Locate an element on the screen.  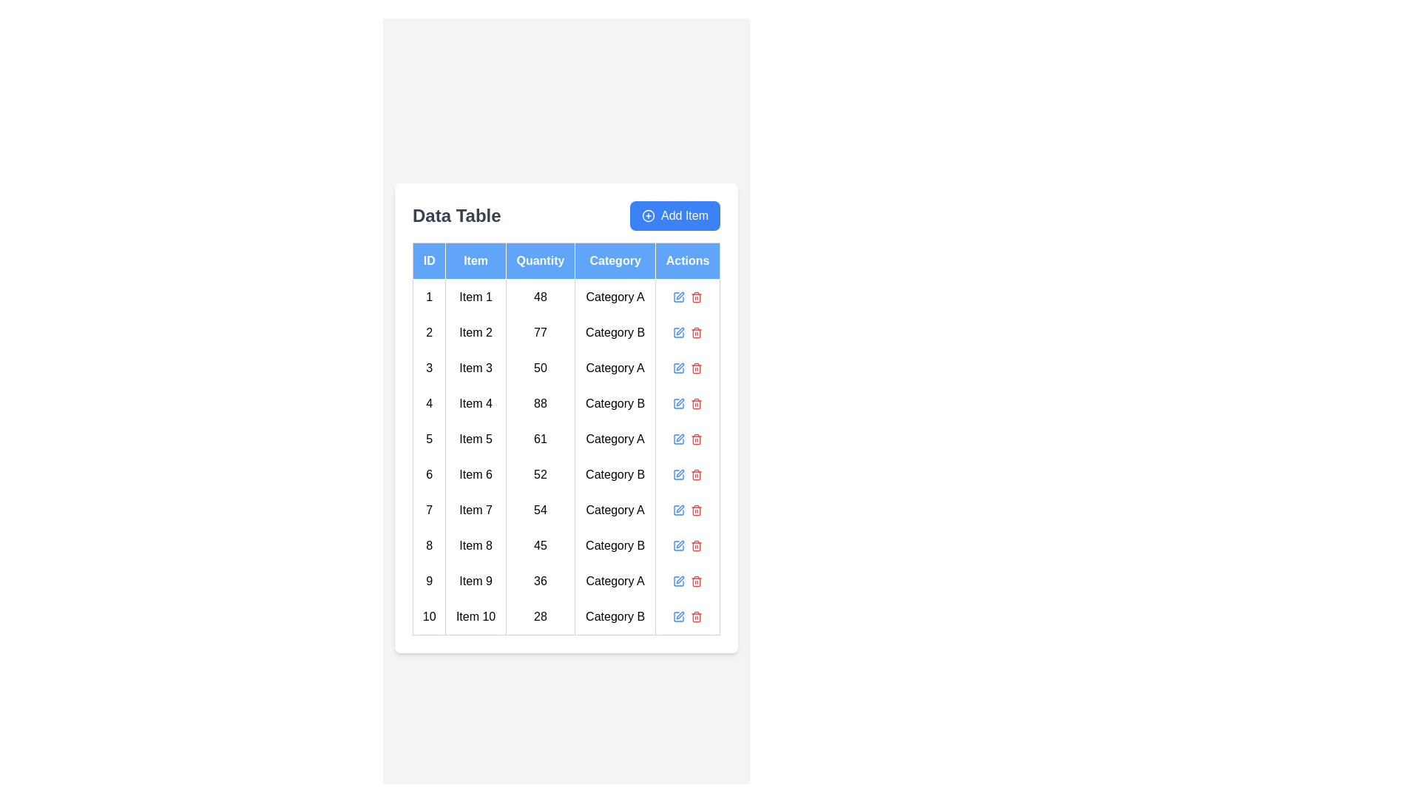
text from the Text Label displaying 'Item 3' located in the third row of the data table in the 'Item' column is located at coordinates (476, 367).